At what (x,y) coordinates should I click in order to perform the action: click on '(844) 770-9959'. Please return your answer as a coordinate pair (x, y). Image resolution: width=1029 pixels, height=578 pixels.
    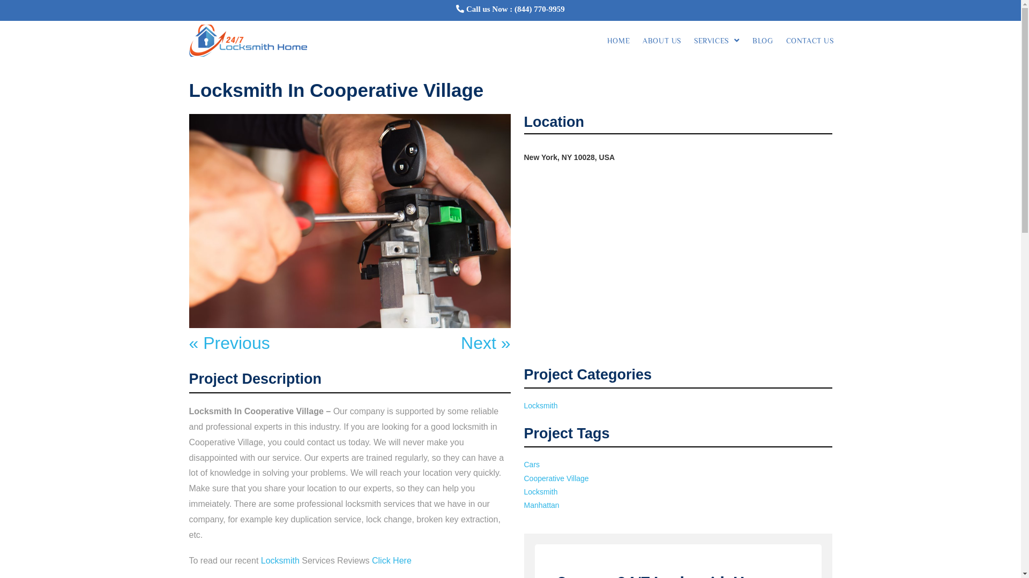
    Looking at the image, I should click on (514, 9).